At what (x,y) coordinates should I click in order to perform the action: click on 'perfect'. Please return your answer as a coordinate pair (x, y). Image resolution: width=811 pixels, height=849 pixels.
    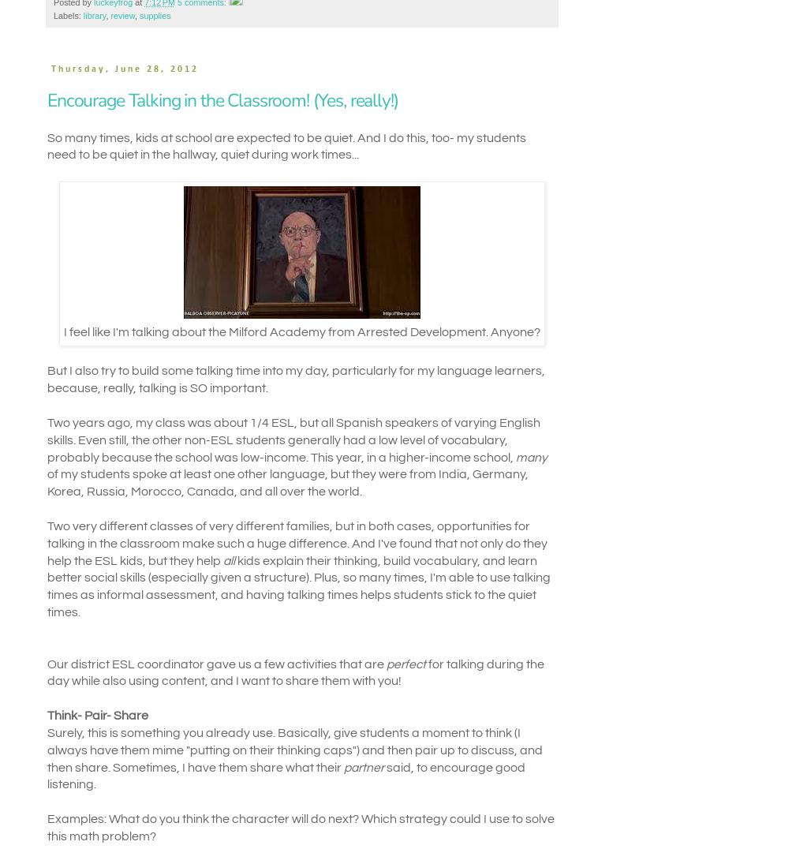
    Looking at the image, I should click on (386, 663).